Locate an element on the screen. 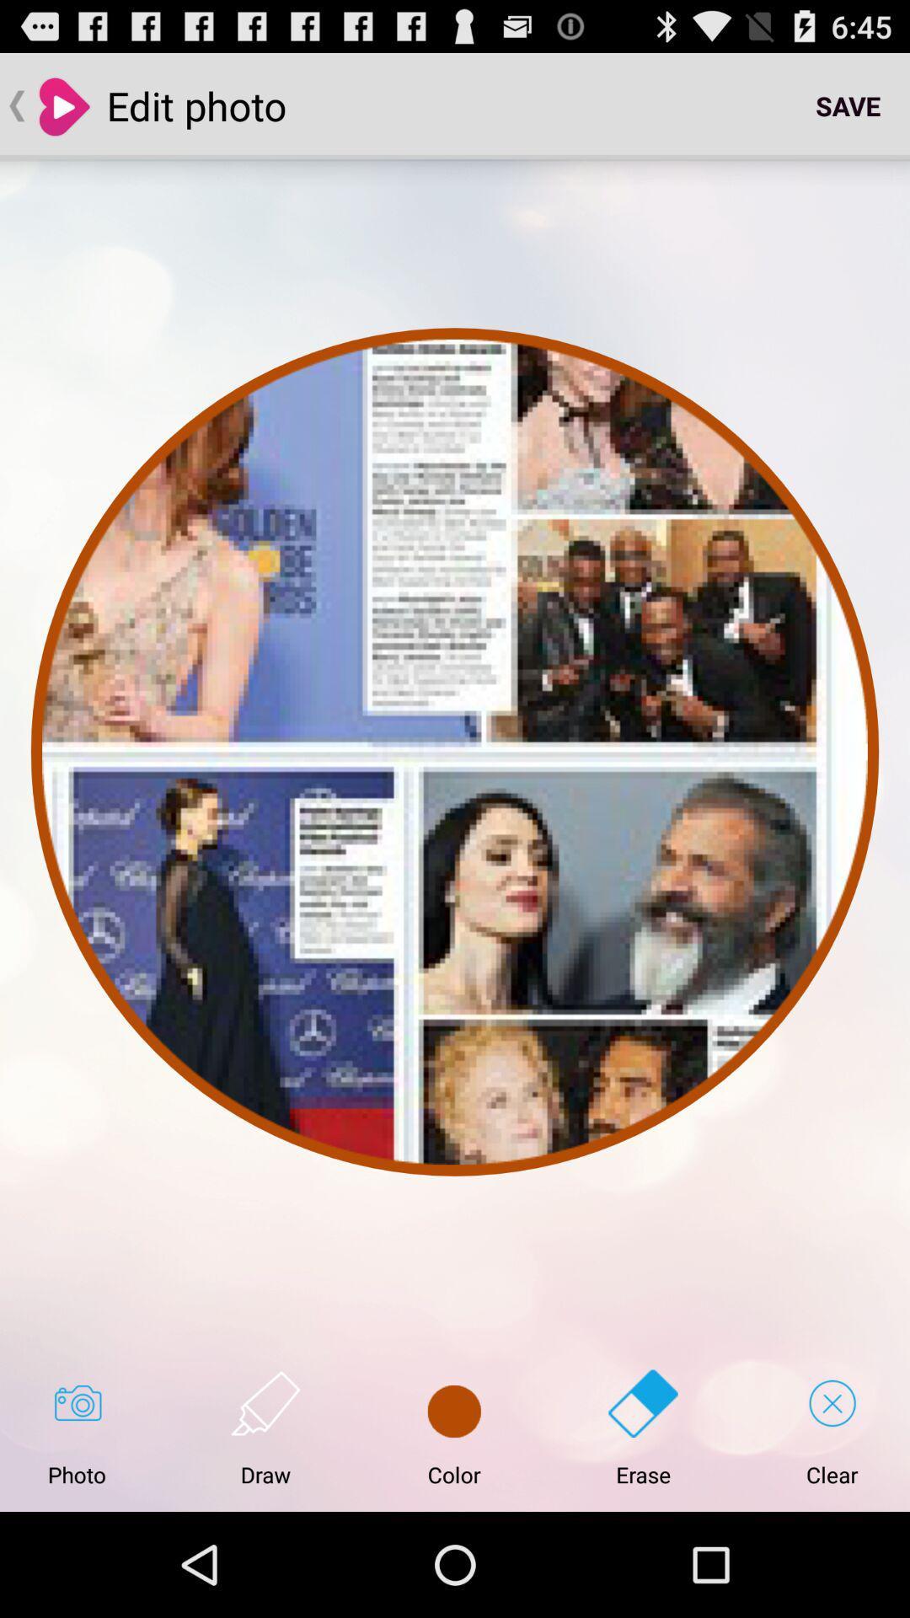 The image size is (910, 1618). button next to the clear icon is located at coordinates (643, 1428).